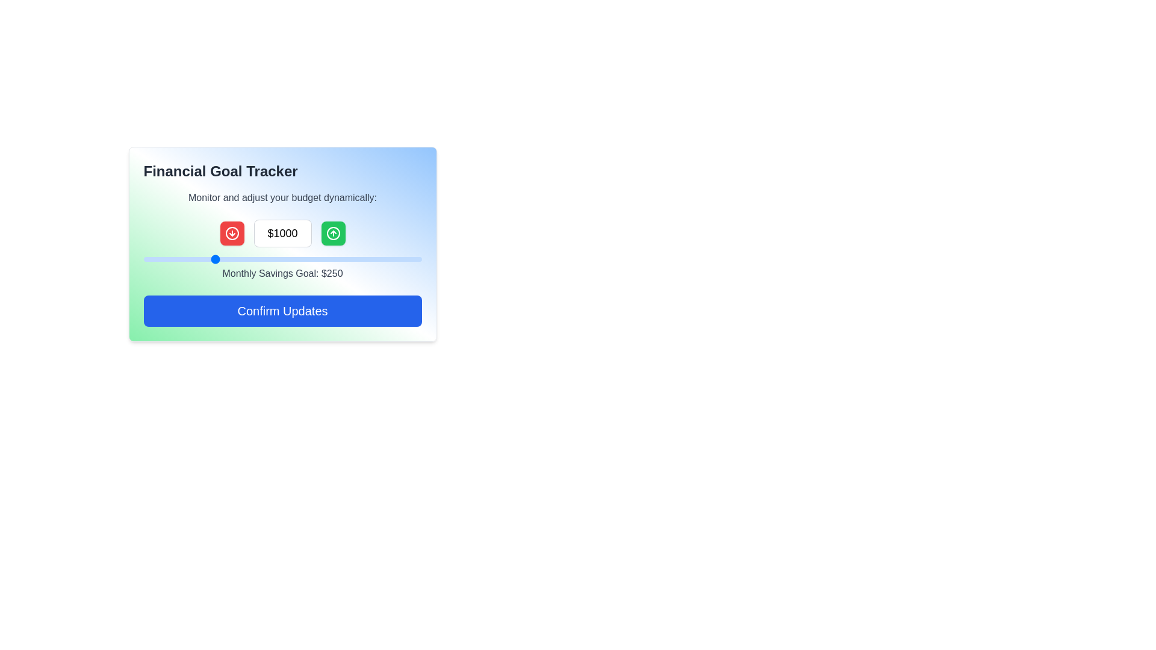  What do you see at coordinates (208, 259) in the screenshot?
I see `the monthly savings goal` at bounding box center [208, 259].